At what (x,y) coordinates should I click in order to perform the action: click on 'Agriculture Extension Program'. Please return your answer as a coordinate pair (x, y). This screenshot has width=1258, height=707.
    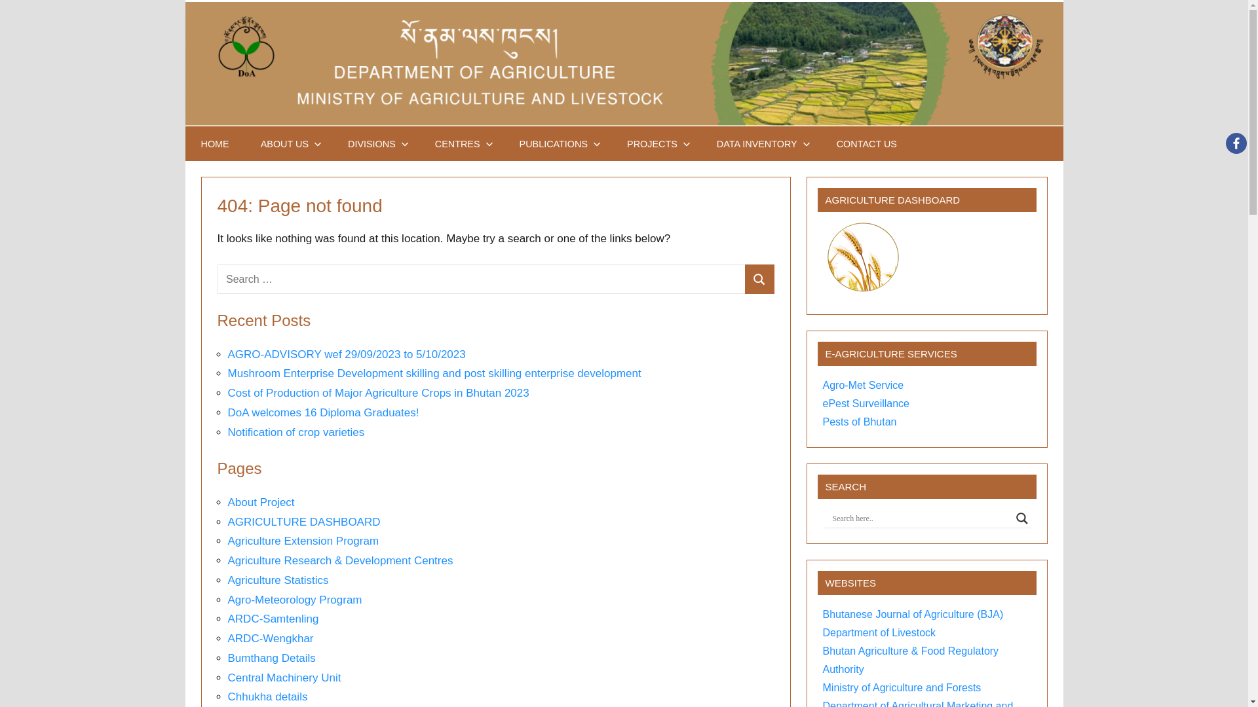
    Looking at the image, I should click on (303, 541).